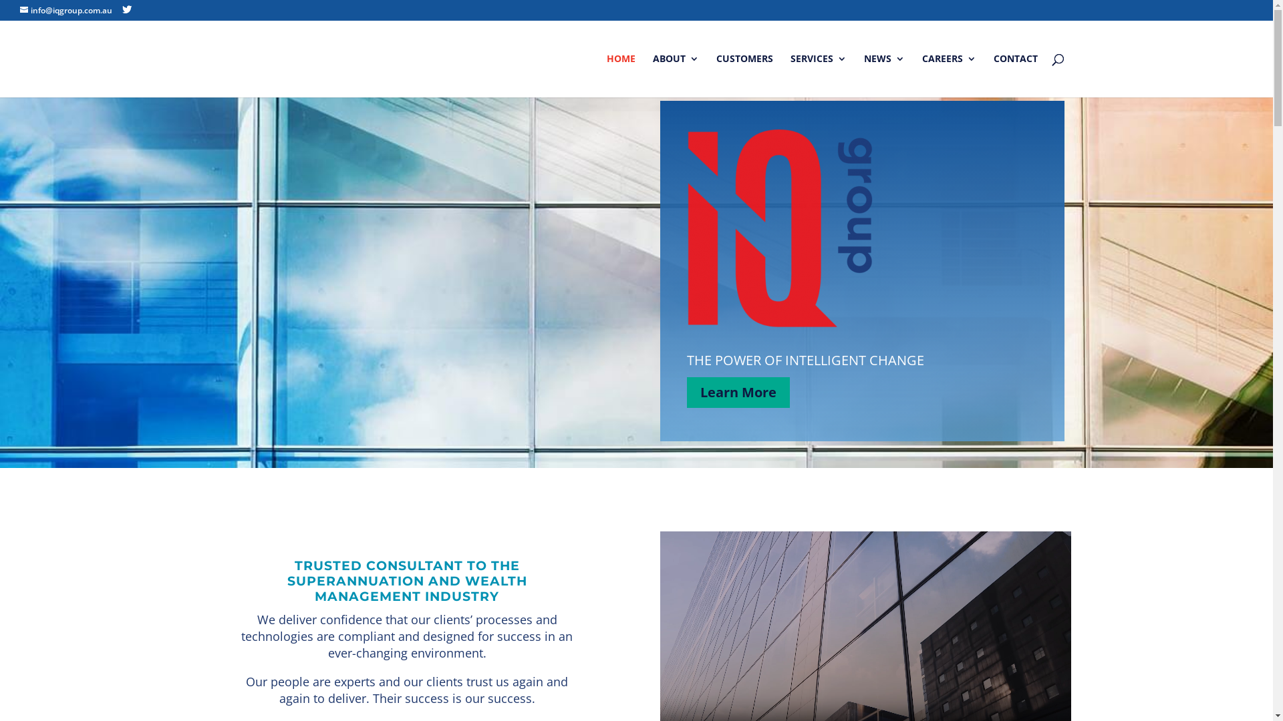 This screenshot has height=721, width=1283. Describe the element at coordinates (948, 75) in the screenshot. I see `'CAREERS'` at that location.